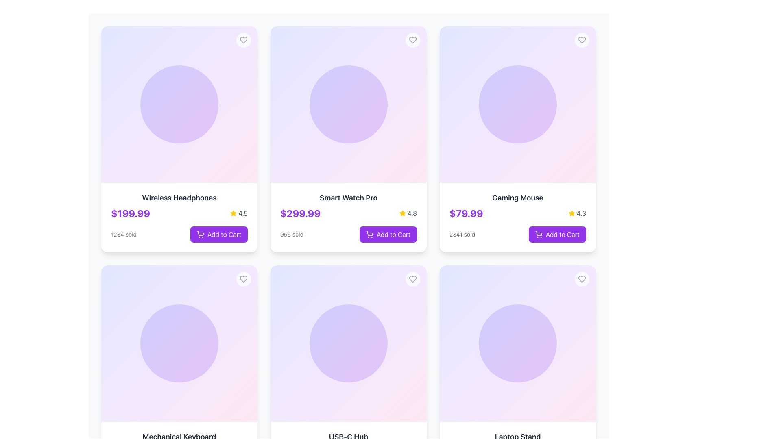  I want to click on displayed text '2341 sold' from the Text label below the price and rating elements in the product card for 'Gaming Mouse', so click(462, 235).